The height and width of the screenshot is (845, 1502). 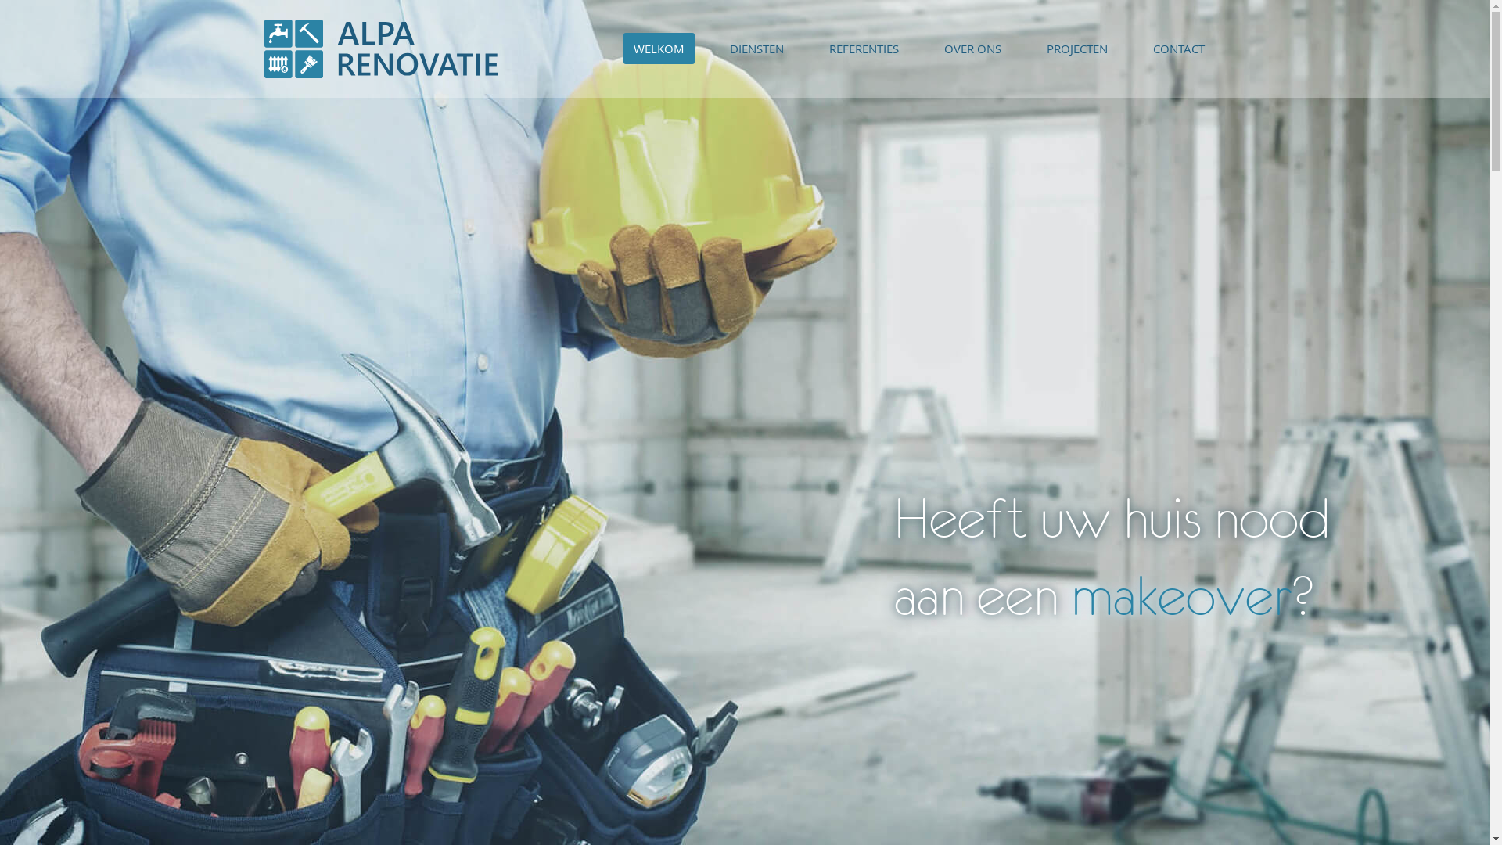 I want to click on 'WELKOM', so click(x=622, y=47).